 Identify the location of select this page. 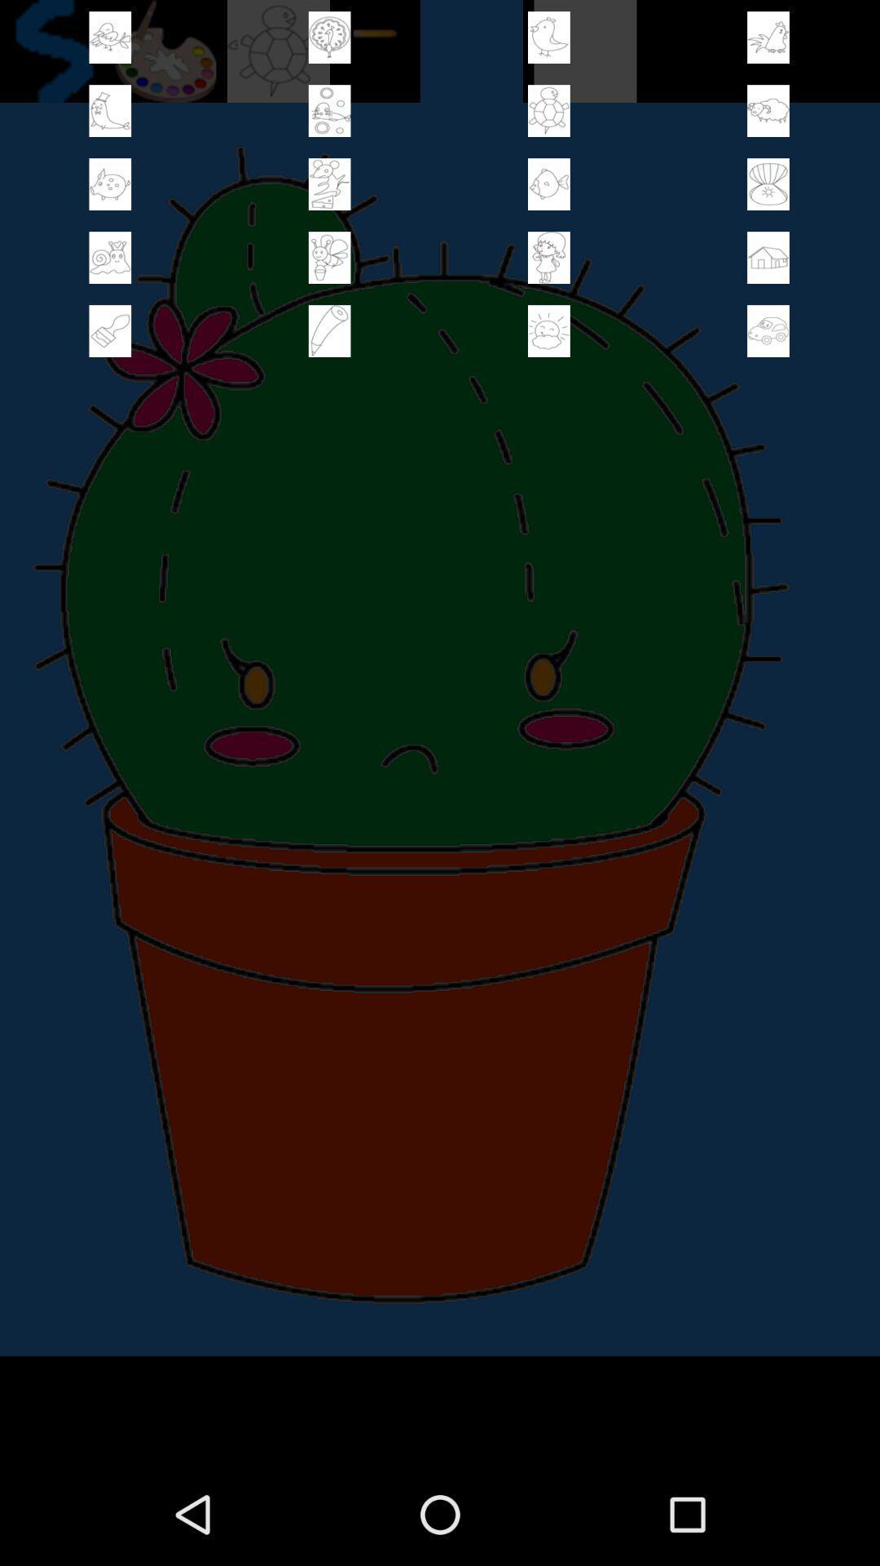
(768, 110).